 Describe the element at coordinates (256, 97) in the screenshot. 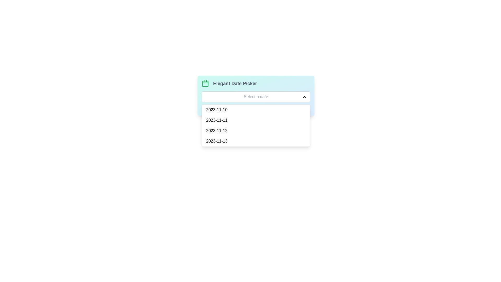

I see `the Dropdown Date Picker Input element with the placeholder 'Select a date'` at that location.